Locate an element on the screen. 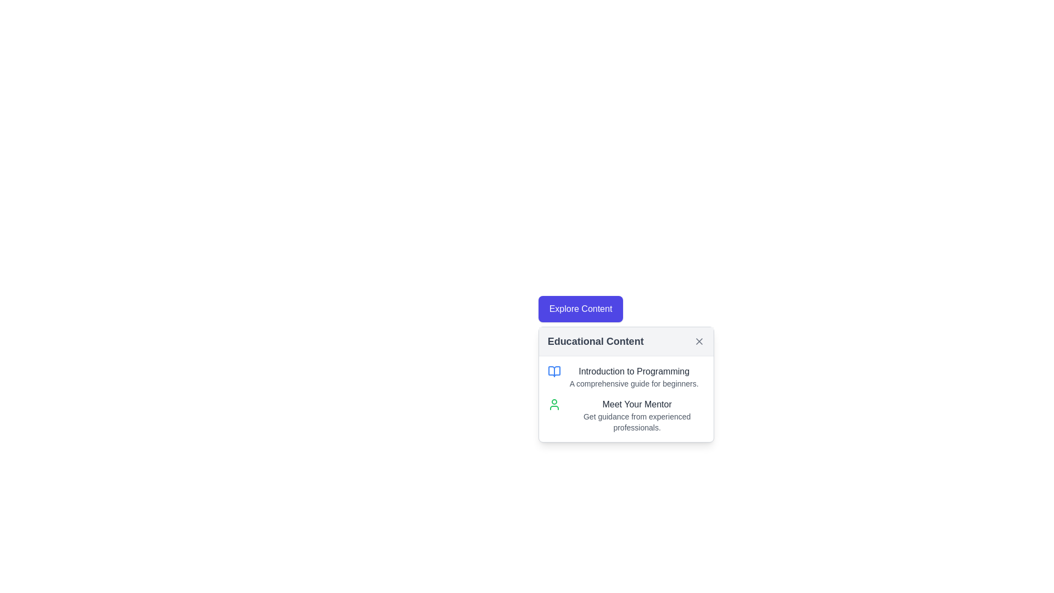  the Text Block containing the title 'Introduction to Programming' and subtitle 'A comprehensive guide for beginners' located within the 'Educational Content' panel is located at coordinates (634, 376).